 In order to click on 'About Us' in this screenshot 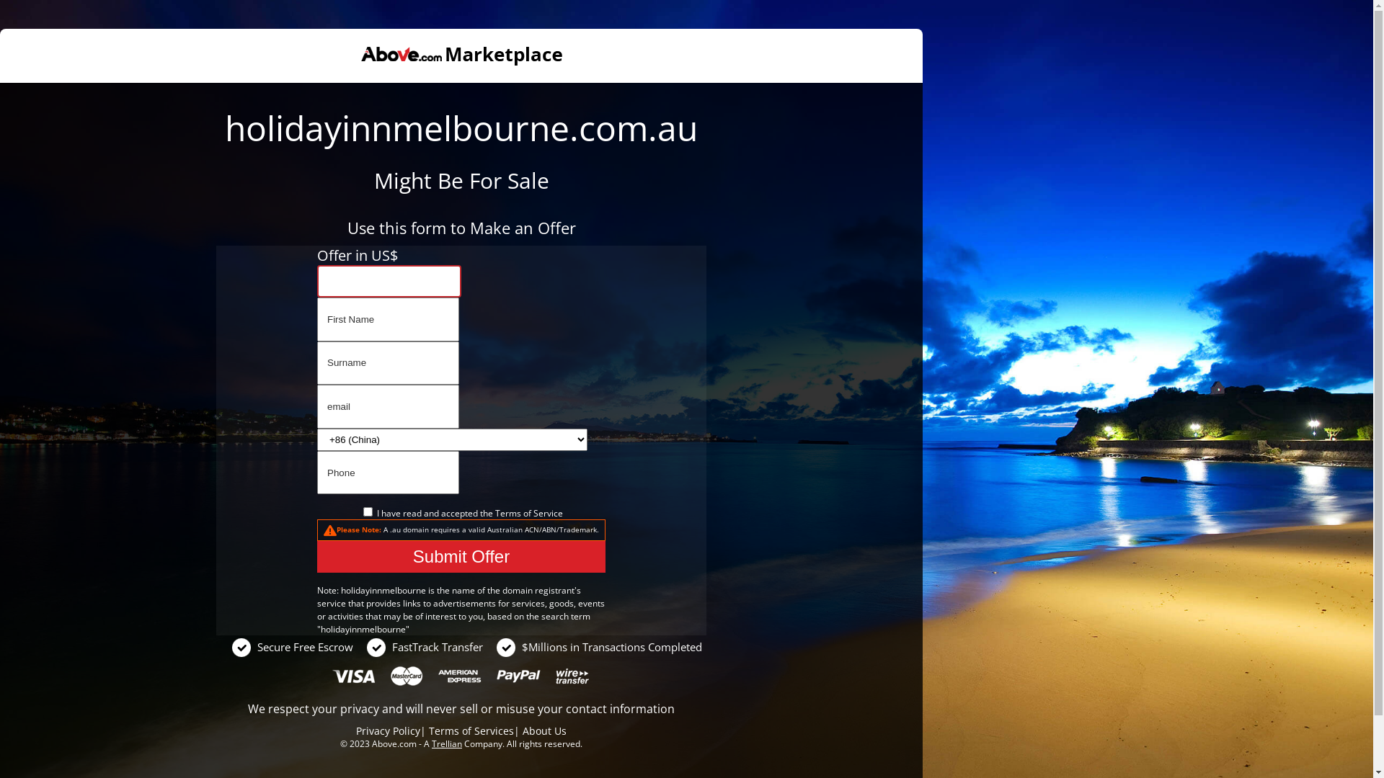, I will do `click(544, 730)`.